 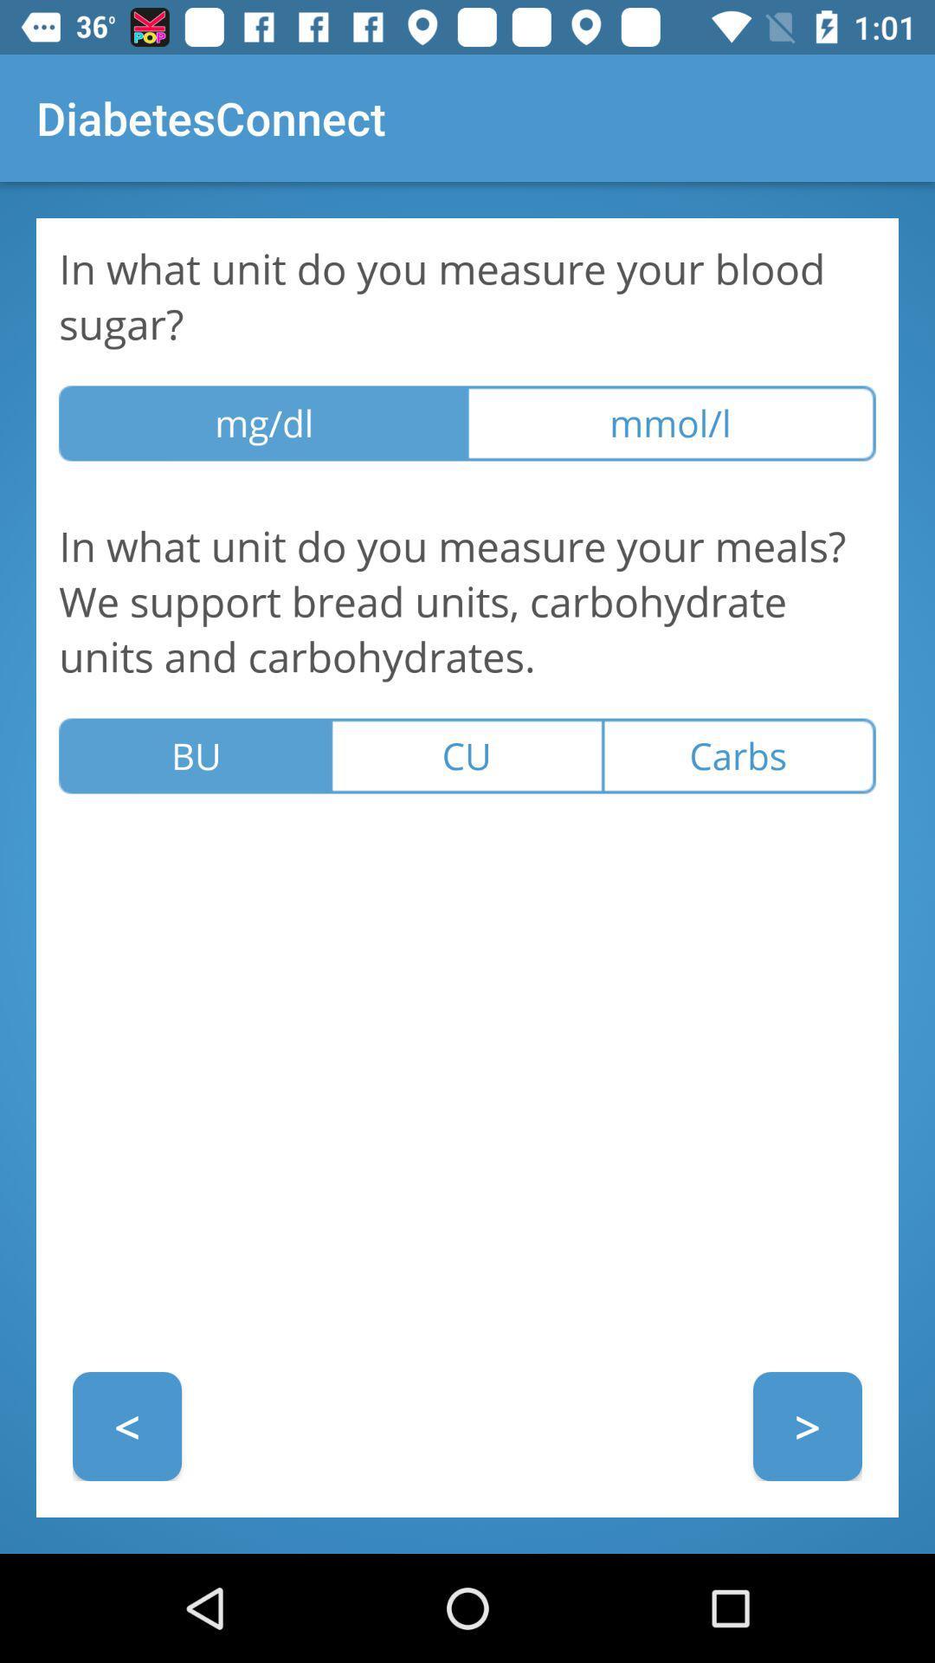 What do you see at coordinates (670, 424) in the screenshot?
I see `the icon to the right of the mg/dl icon` at bounding box center [670, 424].